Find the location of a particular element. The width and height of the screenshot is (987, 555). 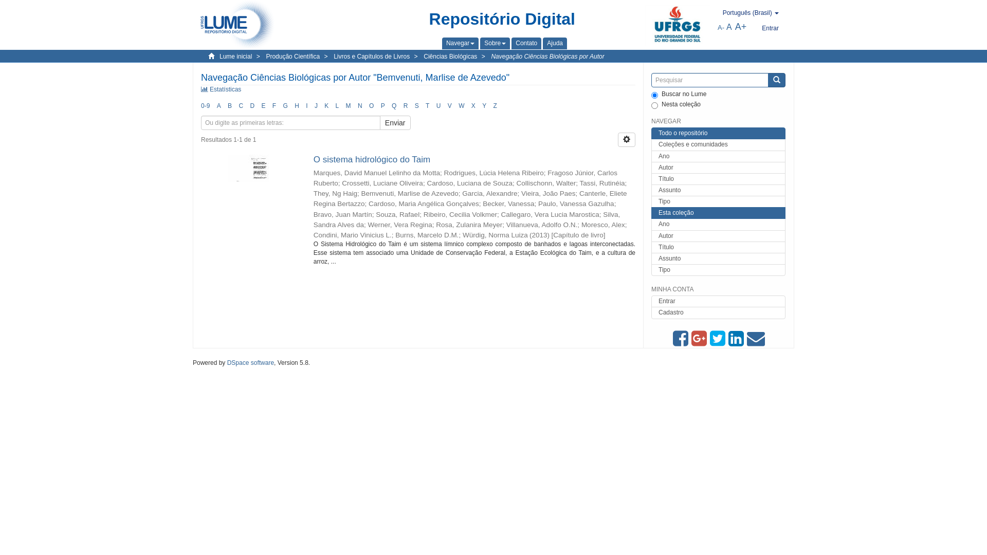

'I' is located at coordinates (306, 105).